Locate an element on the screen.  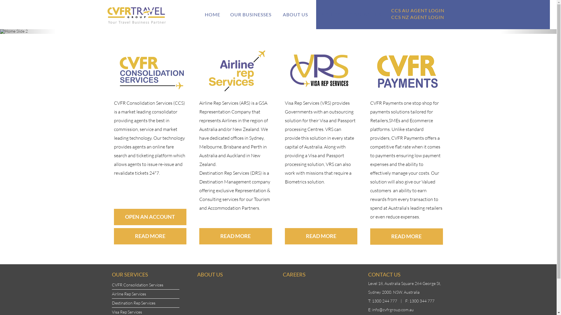
'Airline Rep Services' is located at coordinates (112, 294).